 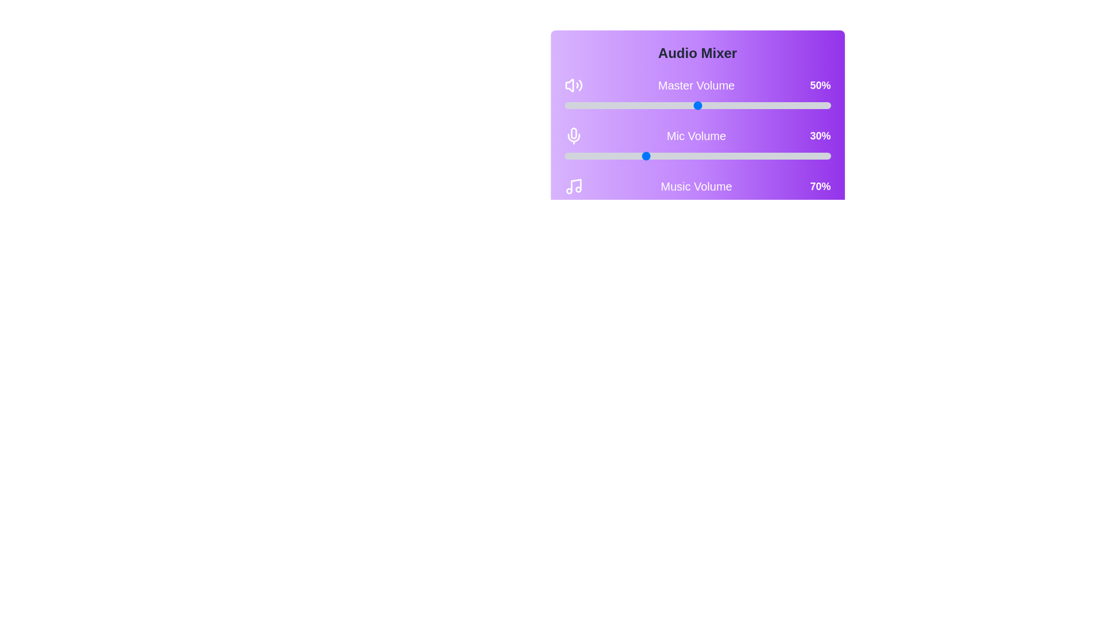 What do you see at coordinates (697, 85) in the screenshot?
I see `the 'Master Volume' label in the Audio Mixer interface` at bounding box center [697, 85].